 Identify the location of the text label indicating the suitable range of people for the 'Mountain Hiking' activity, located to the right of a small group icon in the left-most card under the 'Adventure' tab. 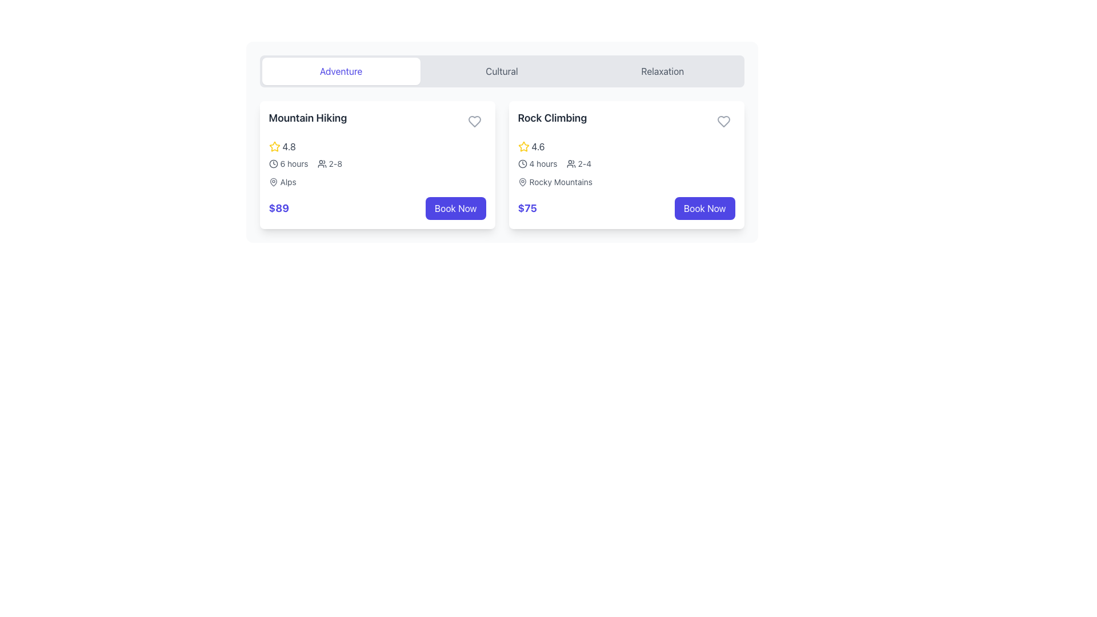
(335, 163).